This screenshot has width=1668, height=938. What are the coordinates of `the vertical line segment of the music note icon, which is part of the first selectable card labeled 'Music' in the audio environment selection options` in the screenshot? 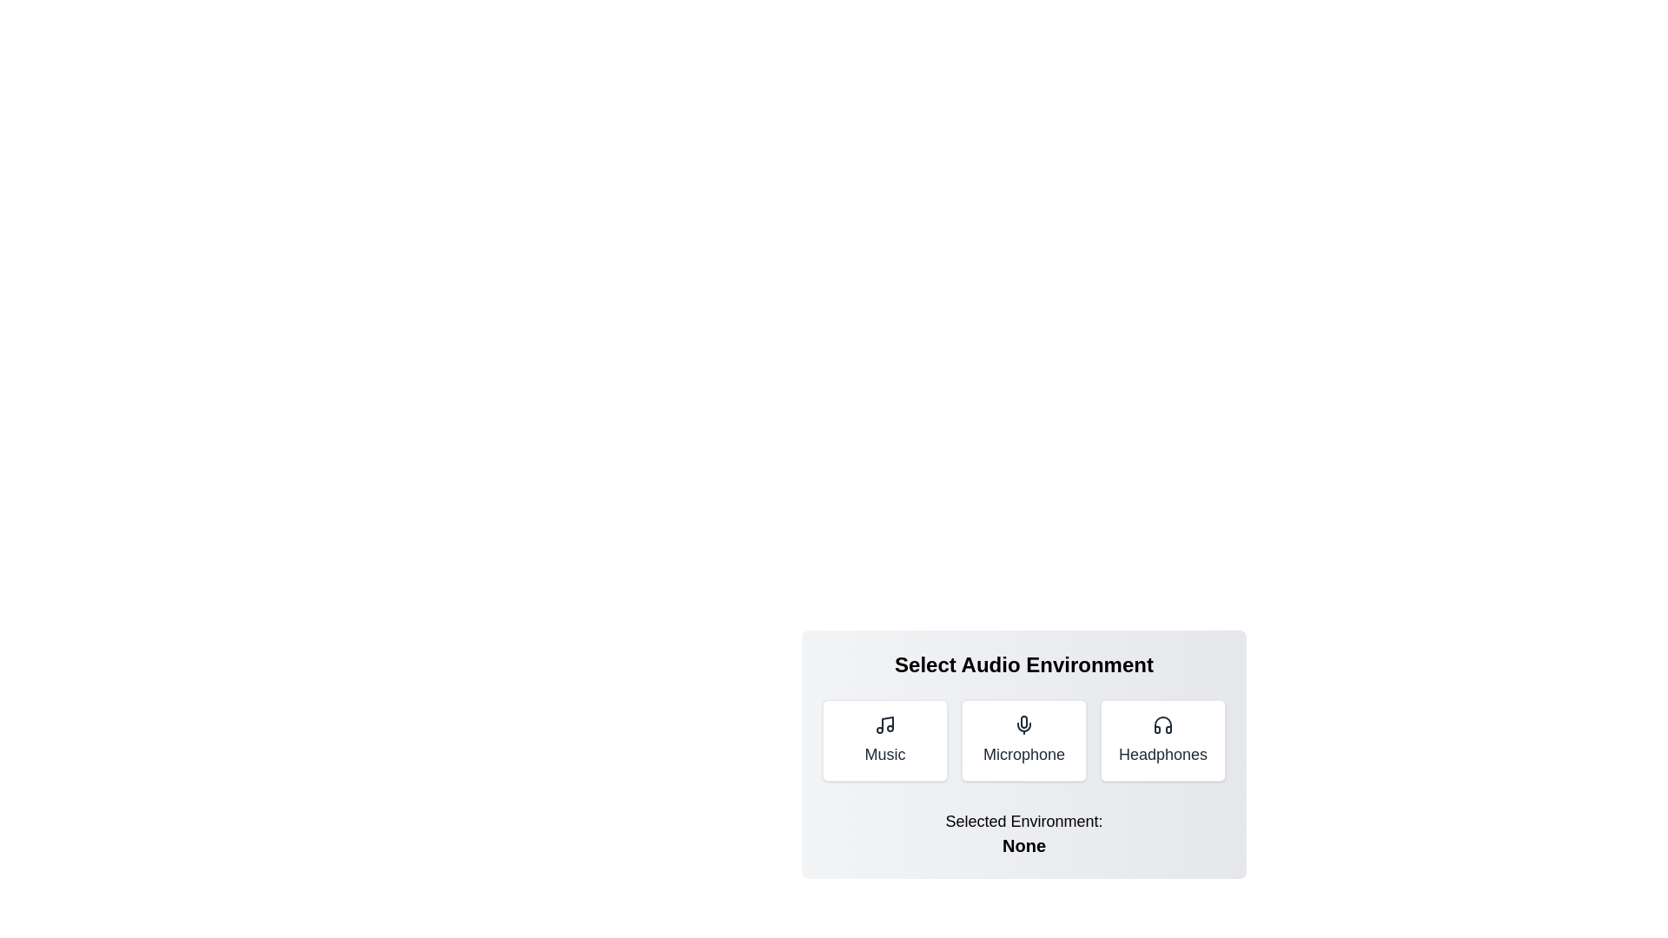 It's located at (888, 723).